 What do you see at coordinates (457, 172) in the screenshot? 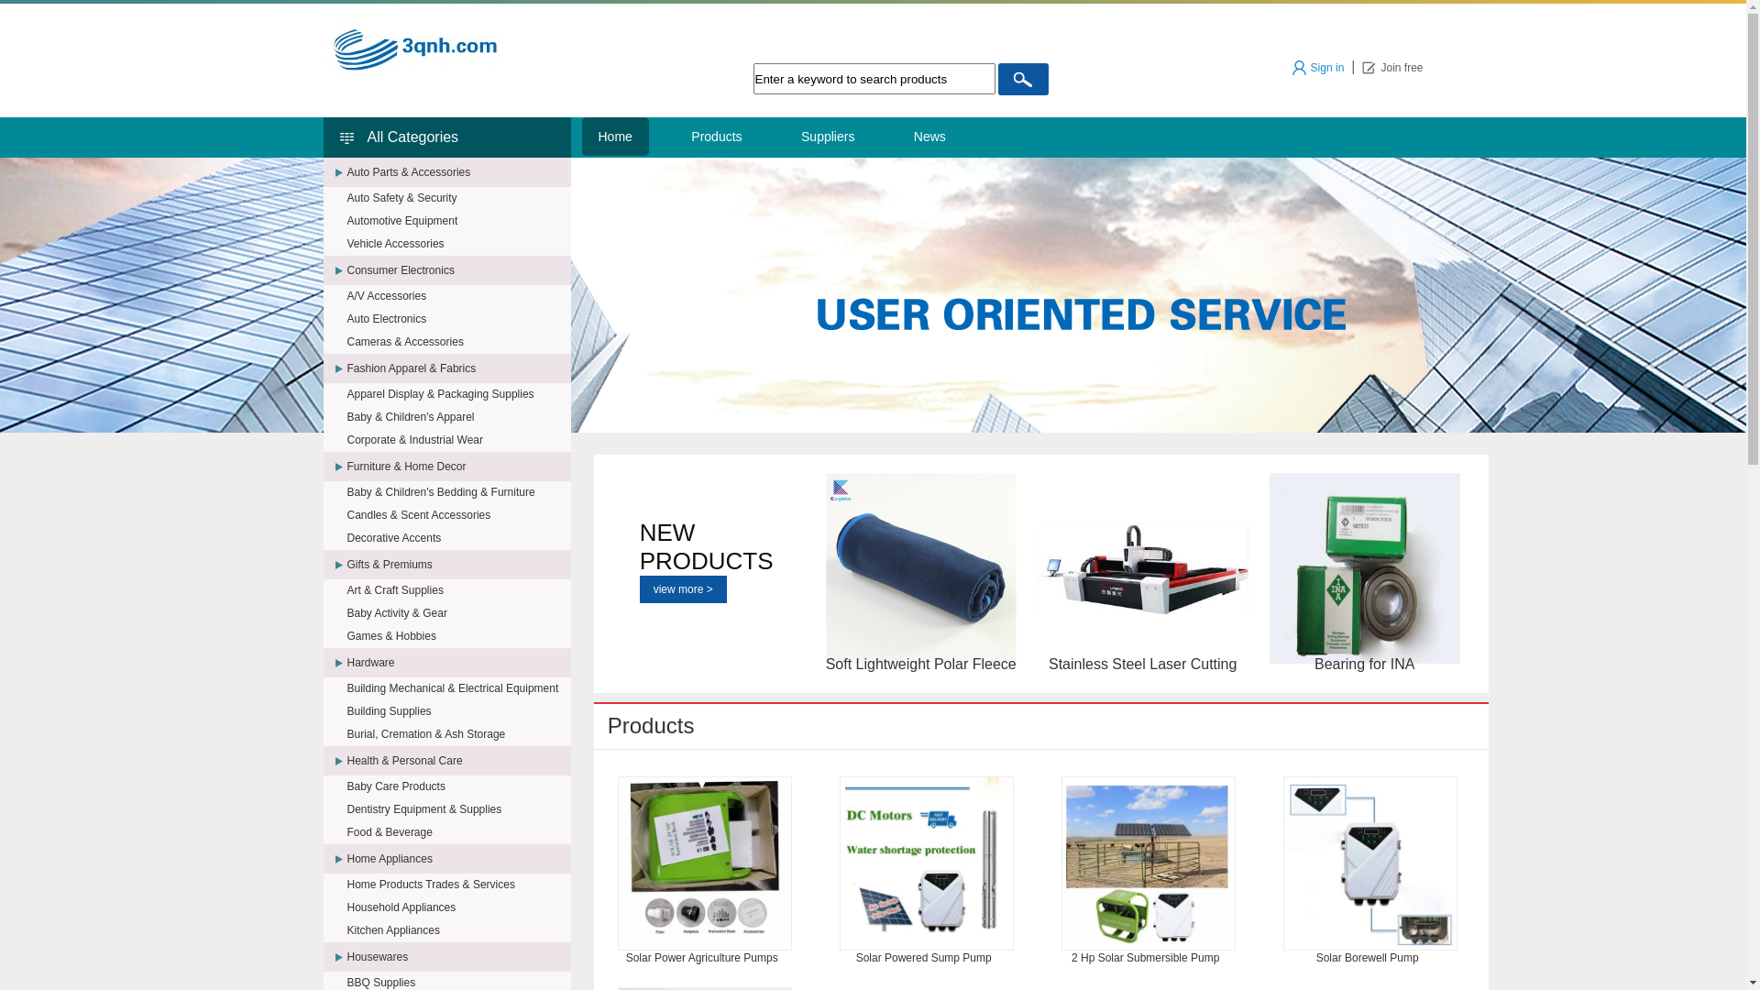
I see `'Auto Parts & Accessories'` at bounding box center [457, 172].